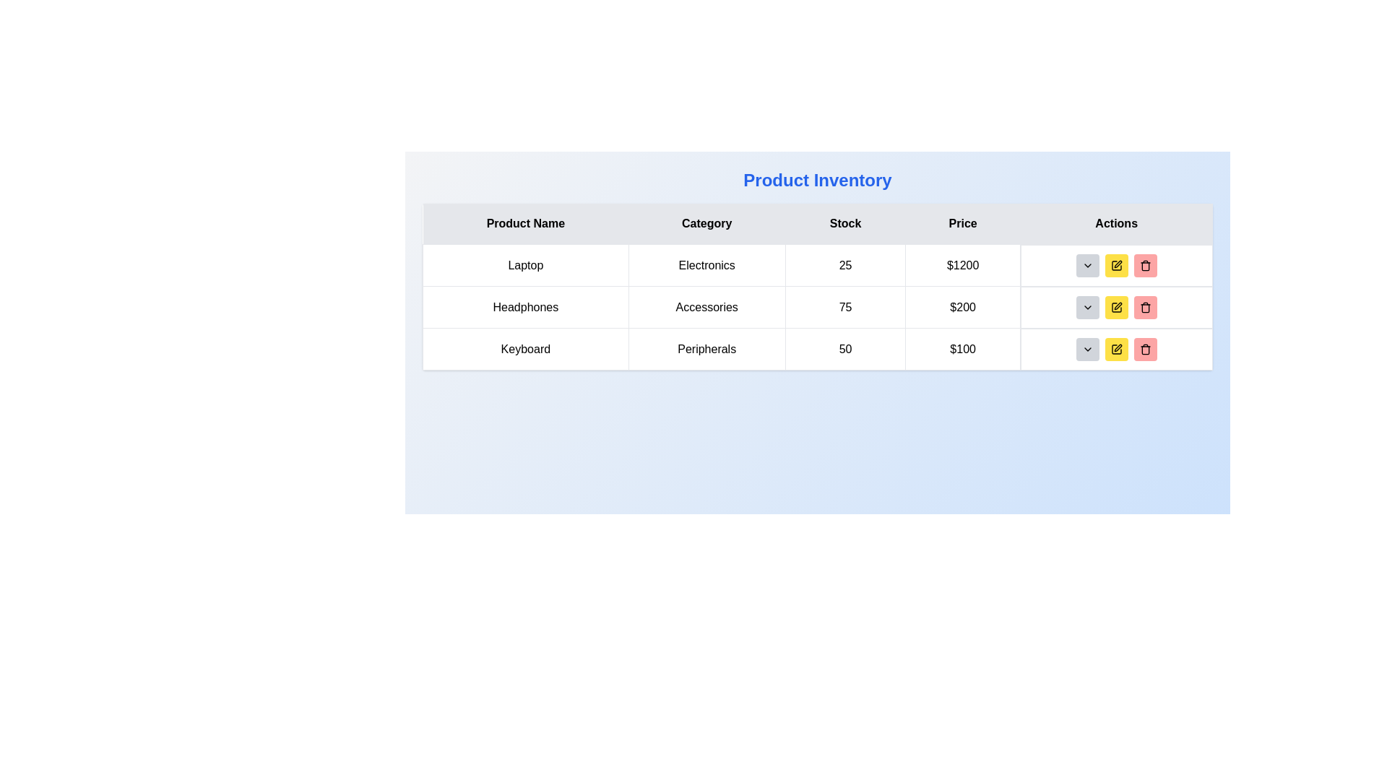 The width and height of the screenshot is (1387, 780). Describe the element at coordinates (1087, 265) in the screenshot. I see `the downward-pointing chevron icon in the Dropdown toggle button located in the 'Actions' column of the first row in the product inventory table` at that location.